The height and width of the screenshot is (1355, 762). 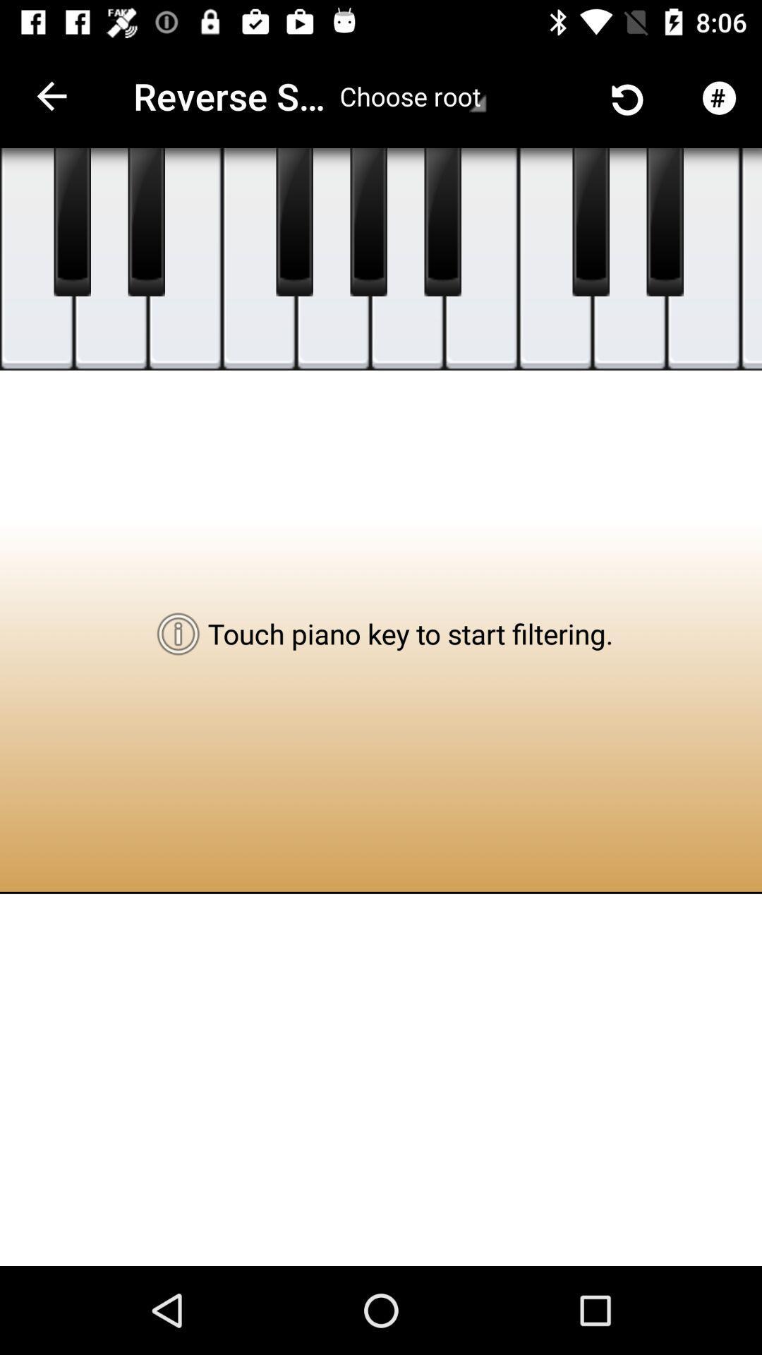 I want to click on keys, so click(x=110, y=259).